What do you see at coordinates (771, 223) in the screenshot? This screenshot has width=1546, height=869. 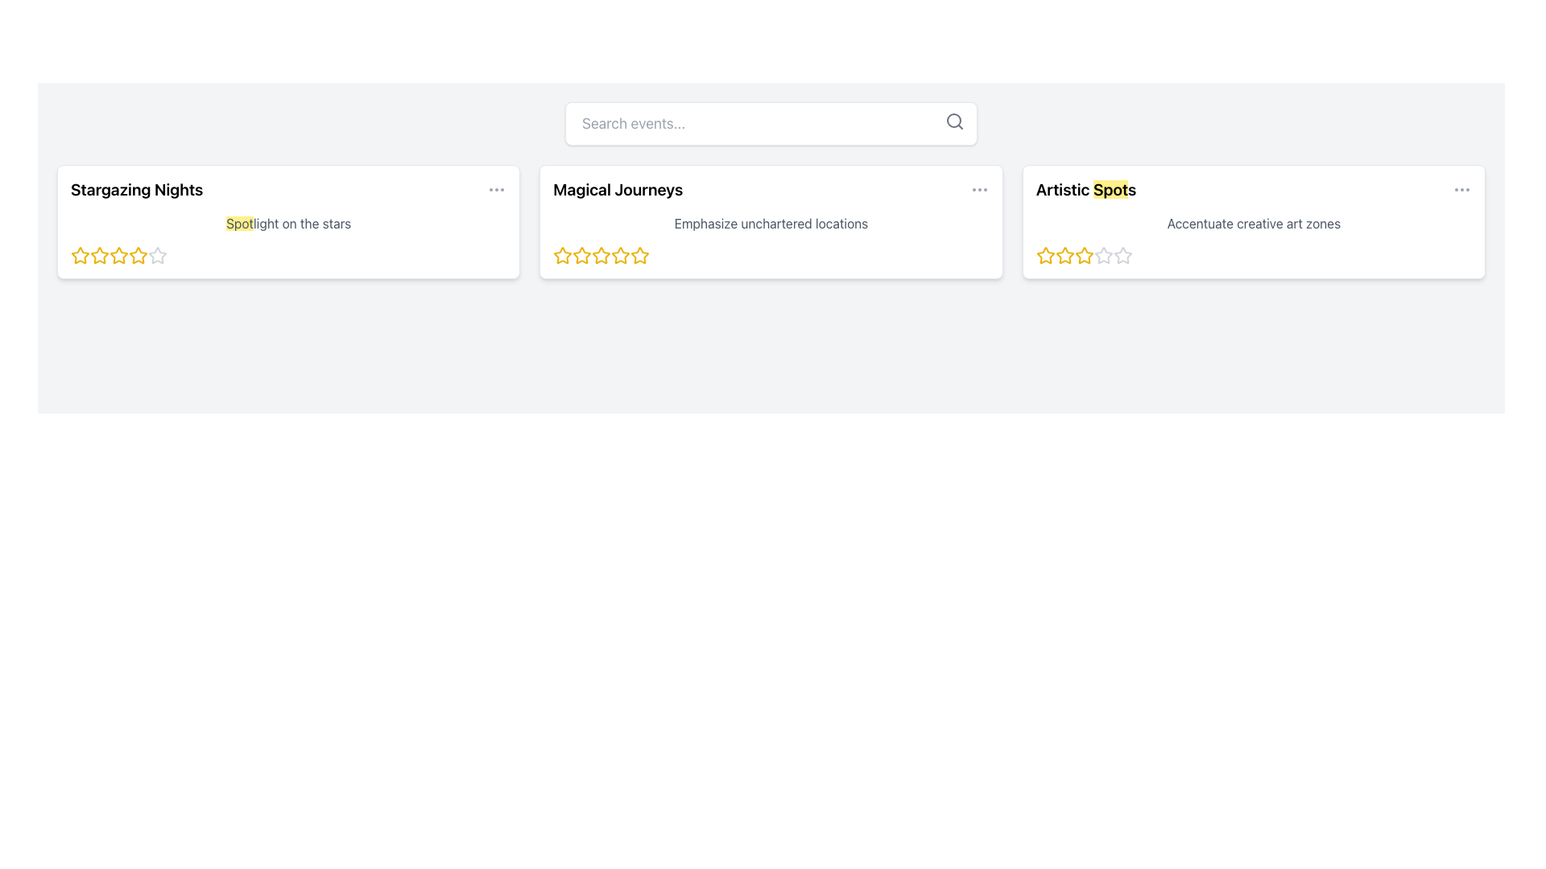 I see `text content of the Text Label located below the heading 'Magical Journeys' in the second card of three horizontal cards` at bounding box center [771, 223].